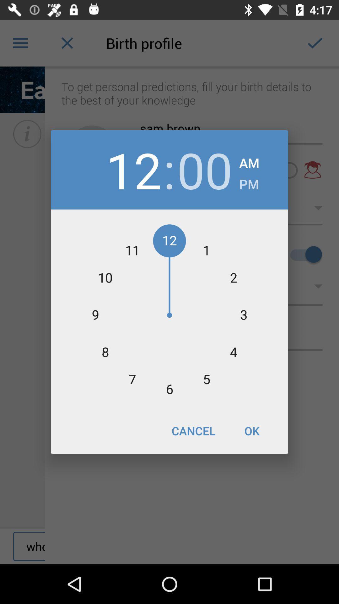  What do you see at coordinates (251, 430) in the screenshot?
I see `icon at the bottom right corner` at bounding box center [251, 430].